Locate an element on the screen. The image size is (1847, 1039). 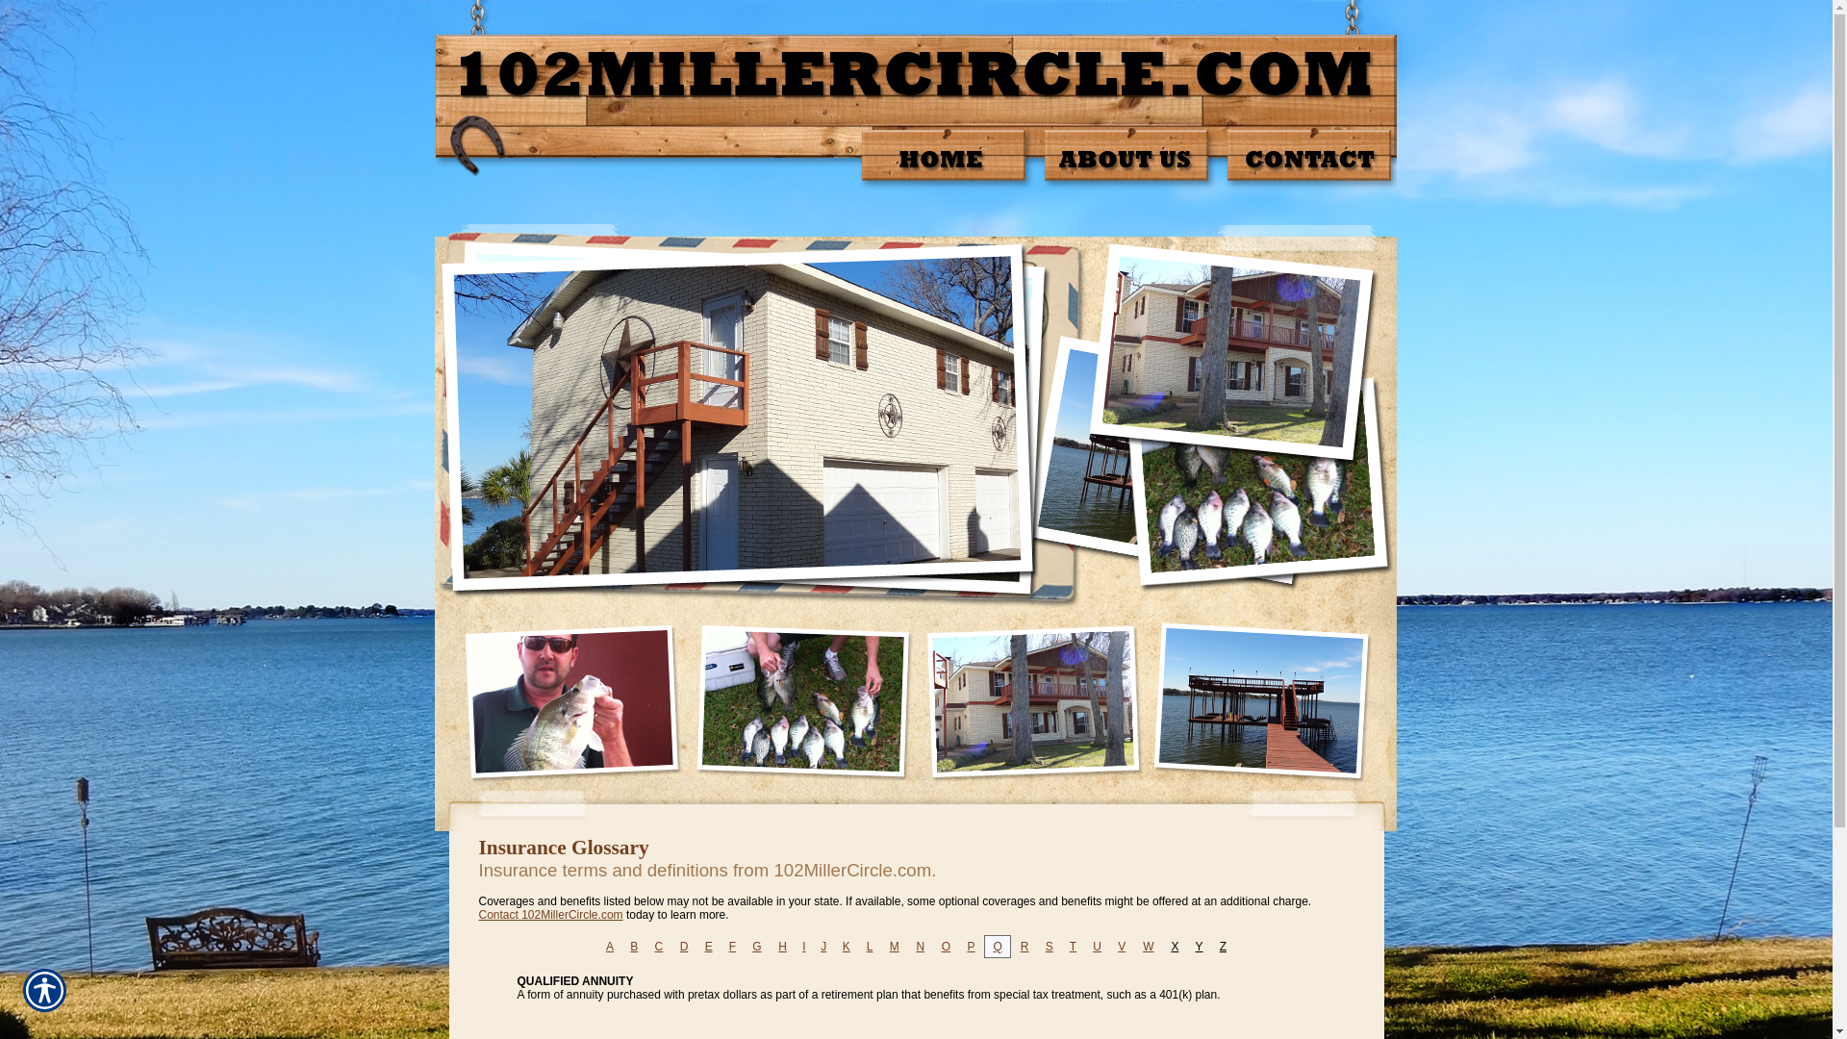
'I' is located at coordinates (803, 945).